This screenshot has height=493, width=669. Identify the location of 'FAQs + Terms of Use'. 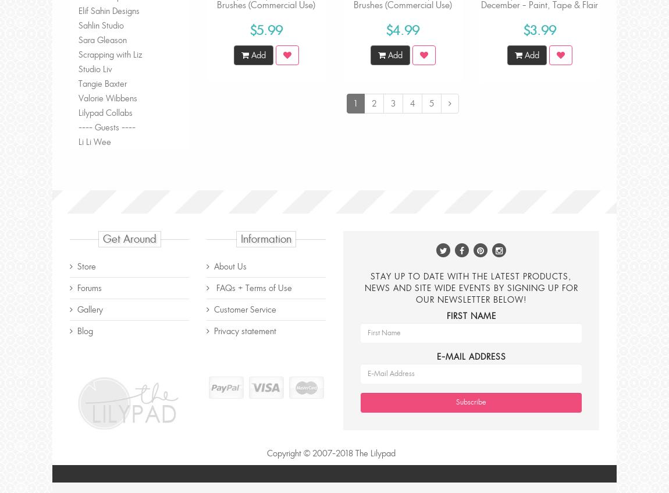
(253, 286).